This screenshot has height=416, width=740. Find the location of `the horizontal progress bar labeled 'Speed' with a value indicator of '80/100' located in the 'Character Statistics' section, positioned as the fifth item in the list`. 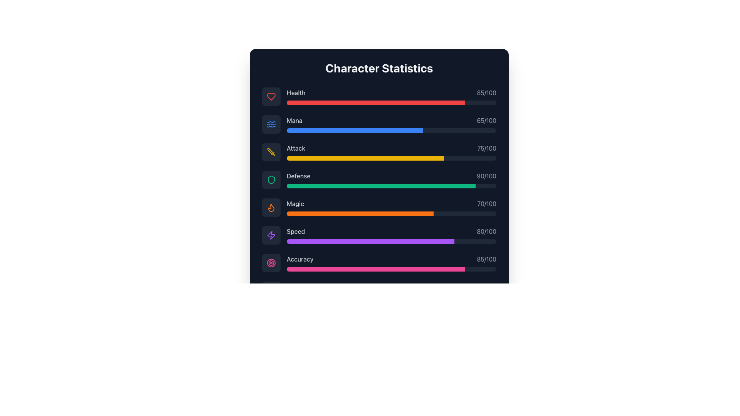

the horizontal progress bar labeled 'Speed' with a value indicator of '80/100' located in the 'Character Statistics' section, positioned as the fifth item in the list is located at coordinates (392, 235).